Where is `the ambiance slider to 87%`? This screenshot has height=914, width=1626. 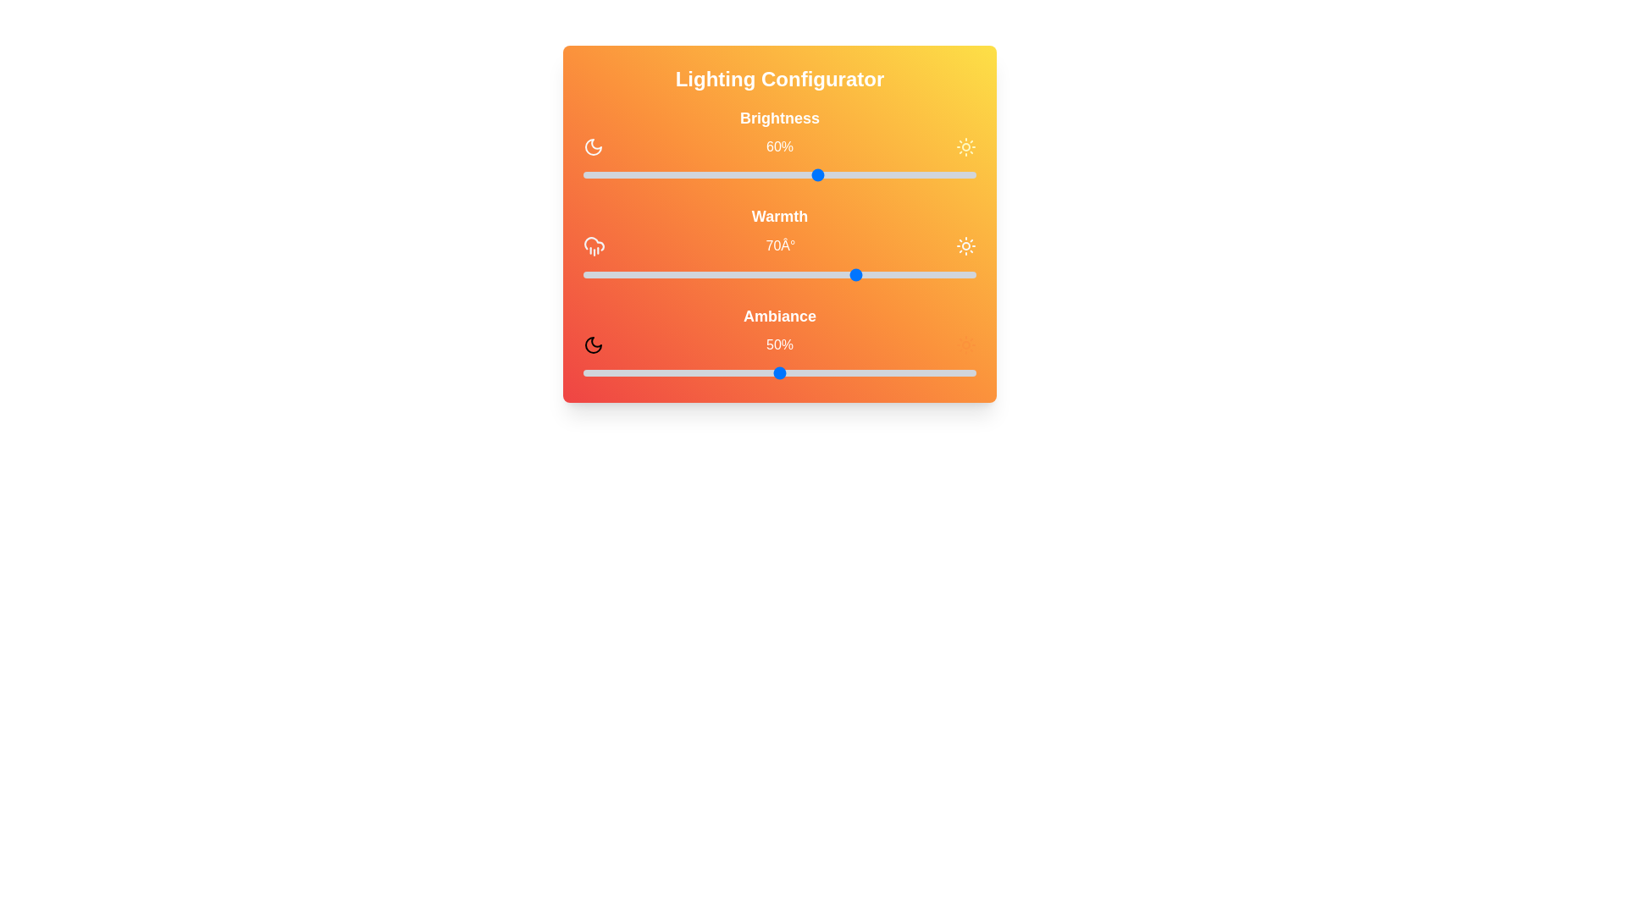 the ambiance slider to 87% is located at coordinates (924, 372).